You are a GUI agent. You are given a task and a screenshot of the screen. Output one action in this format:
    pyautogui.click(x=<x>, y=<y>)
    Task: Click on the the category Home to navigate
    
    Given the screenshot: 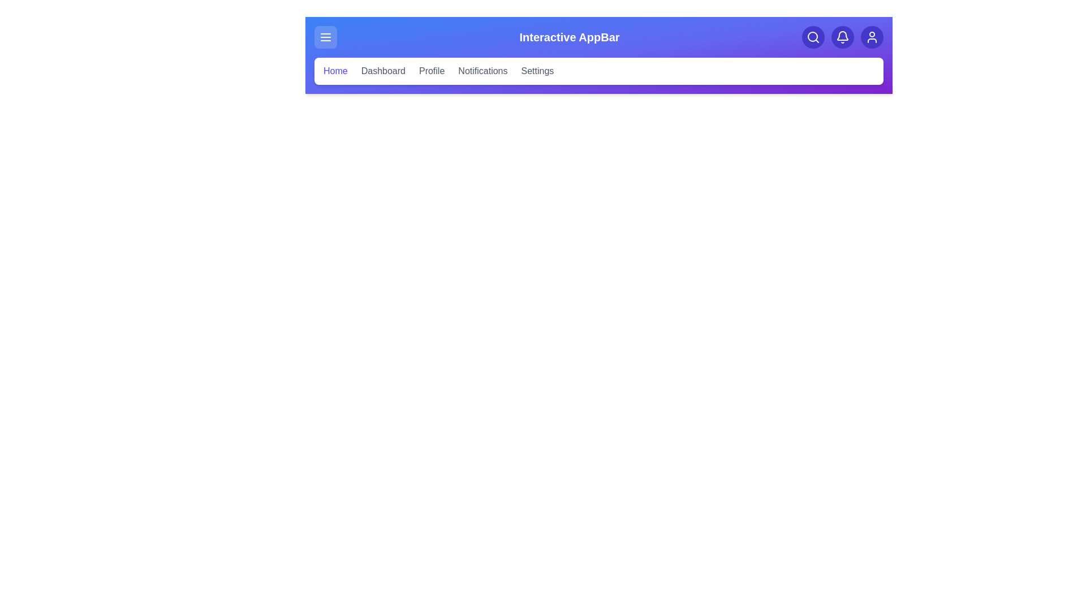 What is the action you would take?
    pyautogui.click(x=335, y=71)
    